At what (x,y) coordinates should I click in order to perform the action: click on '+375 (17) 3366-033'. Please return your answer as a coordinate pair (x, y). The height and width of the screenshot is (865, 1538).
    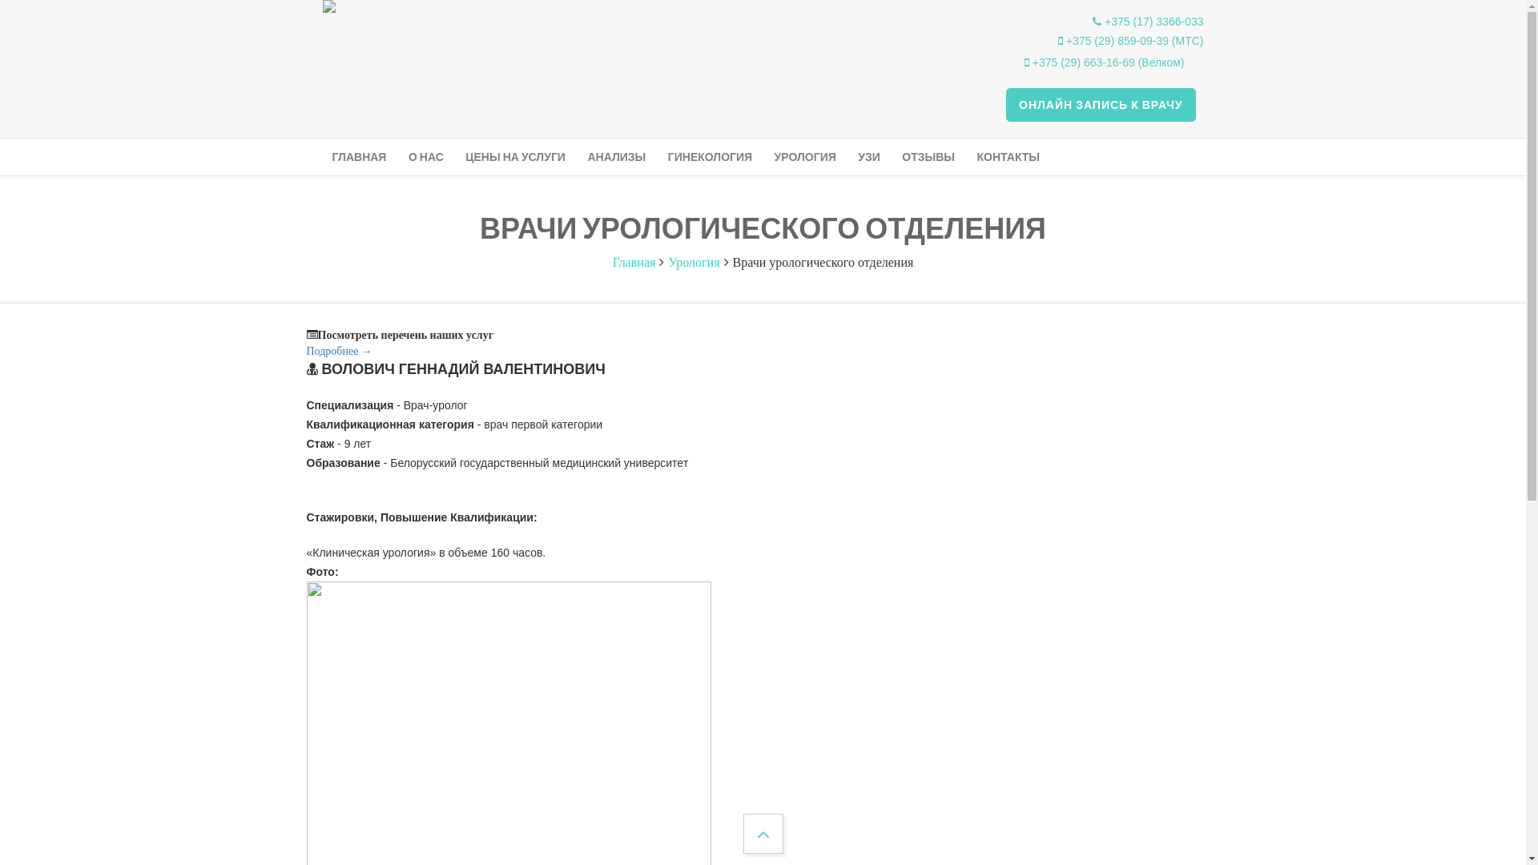
    Looking at the image, I should click on (1147, 22).